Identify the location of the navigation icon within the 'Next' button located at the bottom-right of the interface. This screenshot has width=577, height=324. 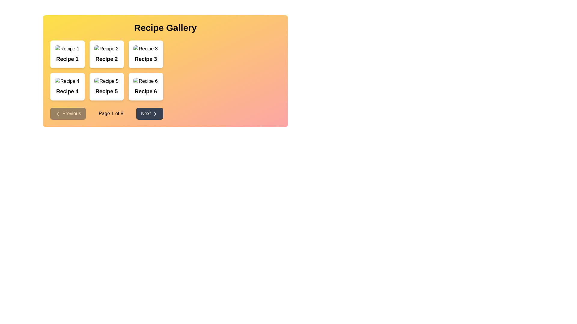
(155, 114).